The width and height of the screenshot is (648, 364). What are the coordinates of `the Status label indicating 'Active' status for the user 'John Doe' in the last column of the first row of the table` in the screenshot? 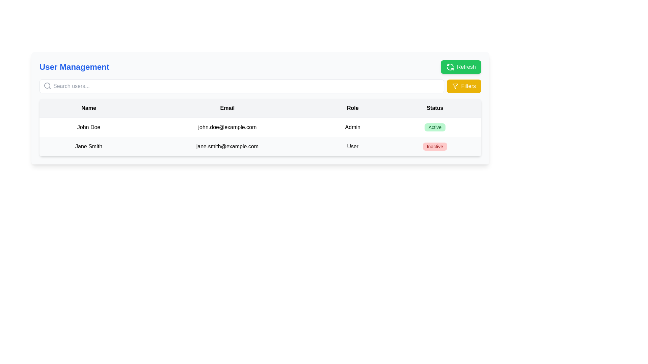 It's located at (435, 127).